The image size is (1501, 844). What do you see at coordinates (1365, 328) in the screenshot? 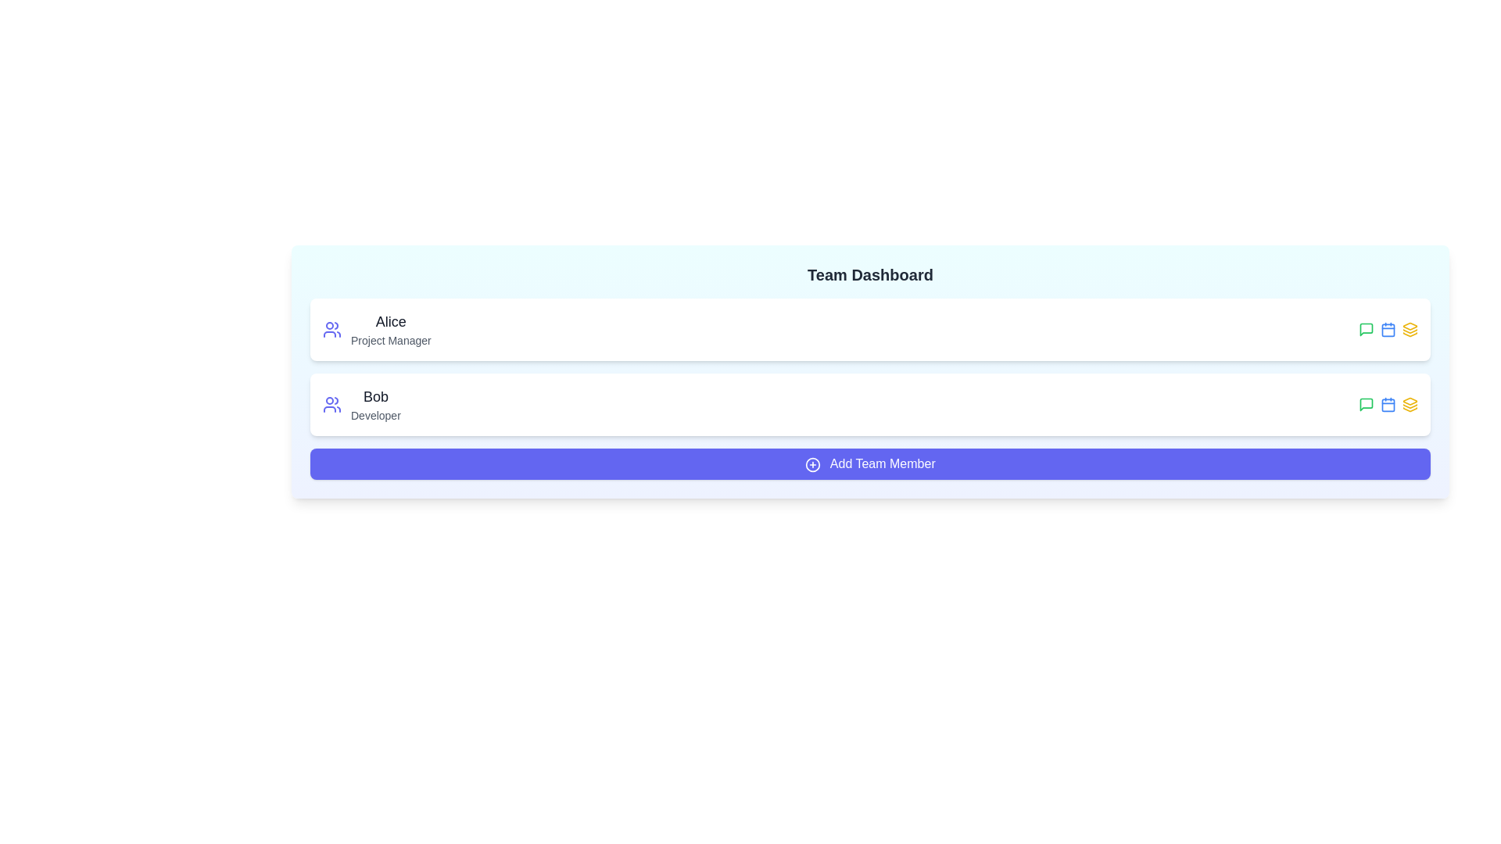
I see `the Interactive Icon located on the right side within the row associated with 'Bob - Developer'` at bounding box center [1365, 328].